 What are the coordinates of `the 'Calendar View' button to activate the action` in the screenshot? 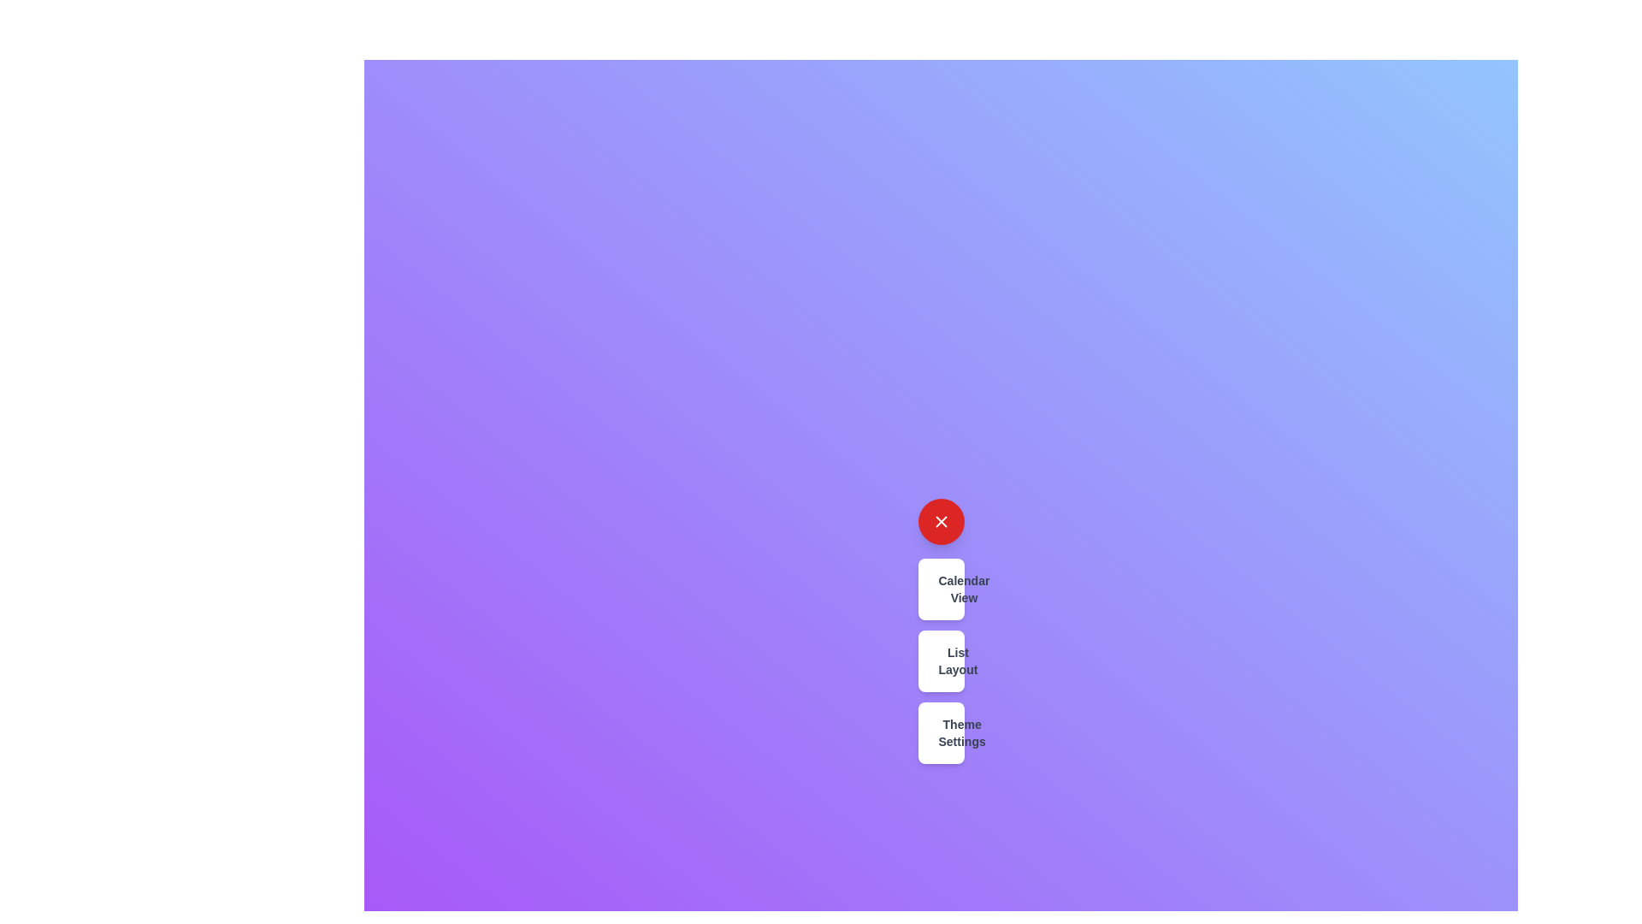 It's located at (940, 589).